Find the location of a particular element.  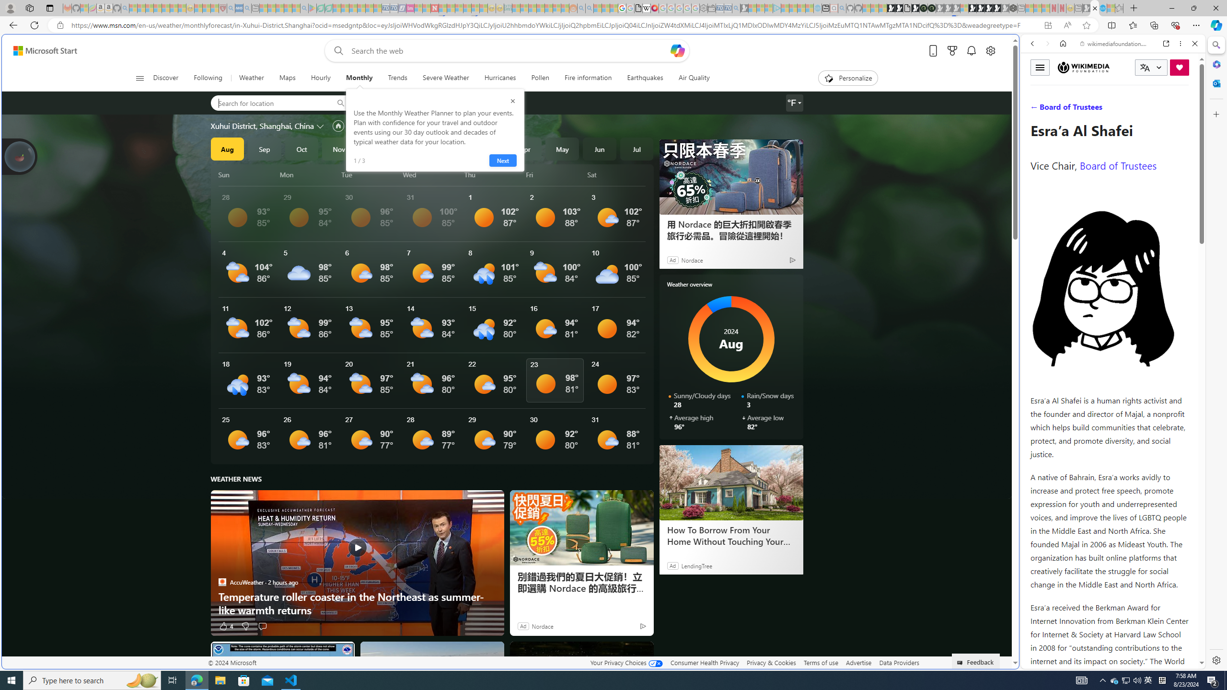

'Jun' is located at coordinates (599, 149).